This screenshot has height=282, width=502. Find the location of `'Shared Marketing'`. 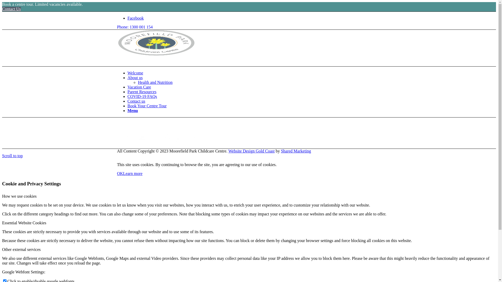

'Shared Marketing' is located at coordinates (296, 151).